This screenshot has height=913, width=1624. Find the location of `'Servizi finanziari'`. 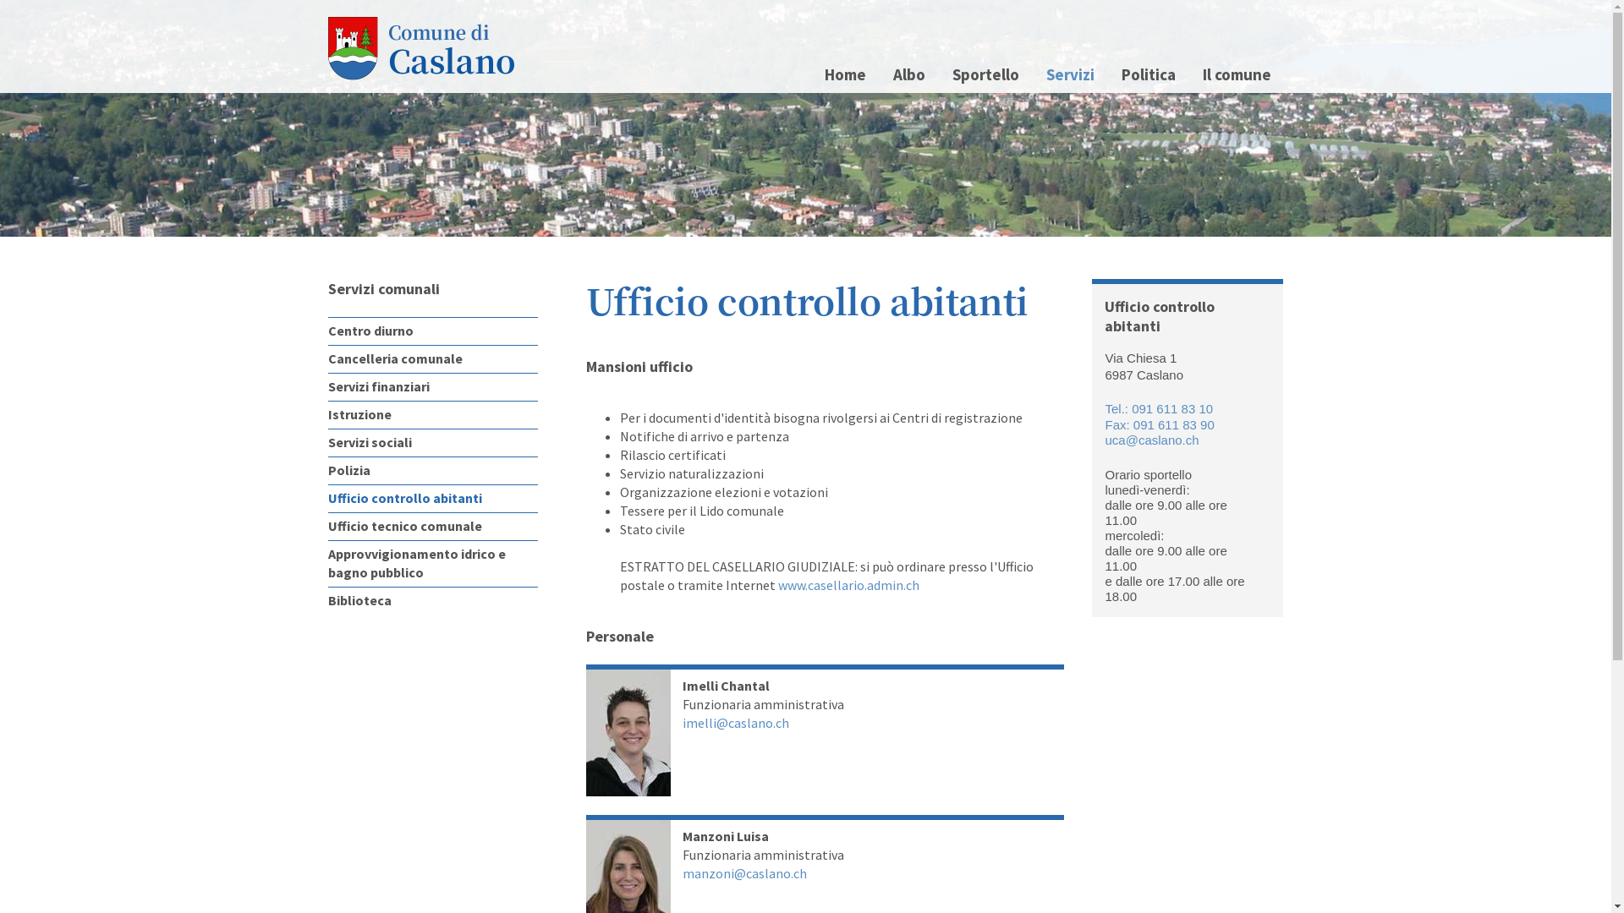

'Servizi finanziari' is located at coordinates (433, 386).